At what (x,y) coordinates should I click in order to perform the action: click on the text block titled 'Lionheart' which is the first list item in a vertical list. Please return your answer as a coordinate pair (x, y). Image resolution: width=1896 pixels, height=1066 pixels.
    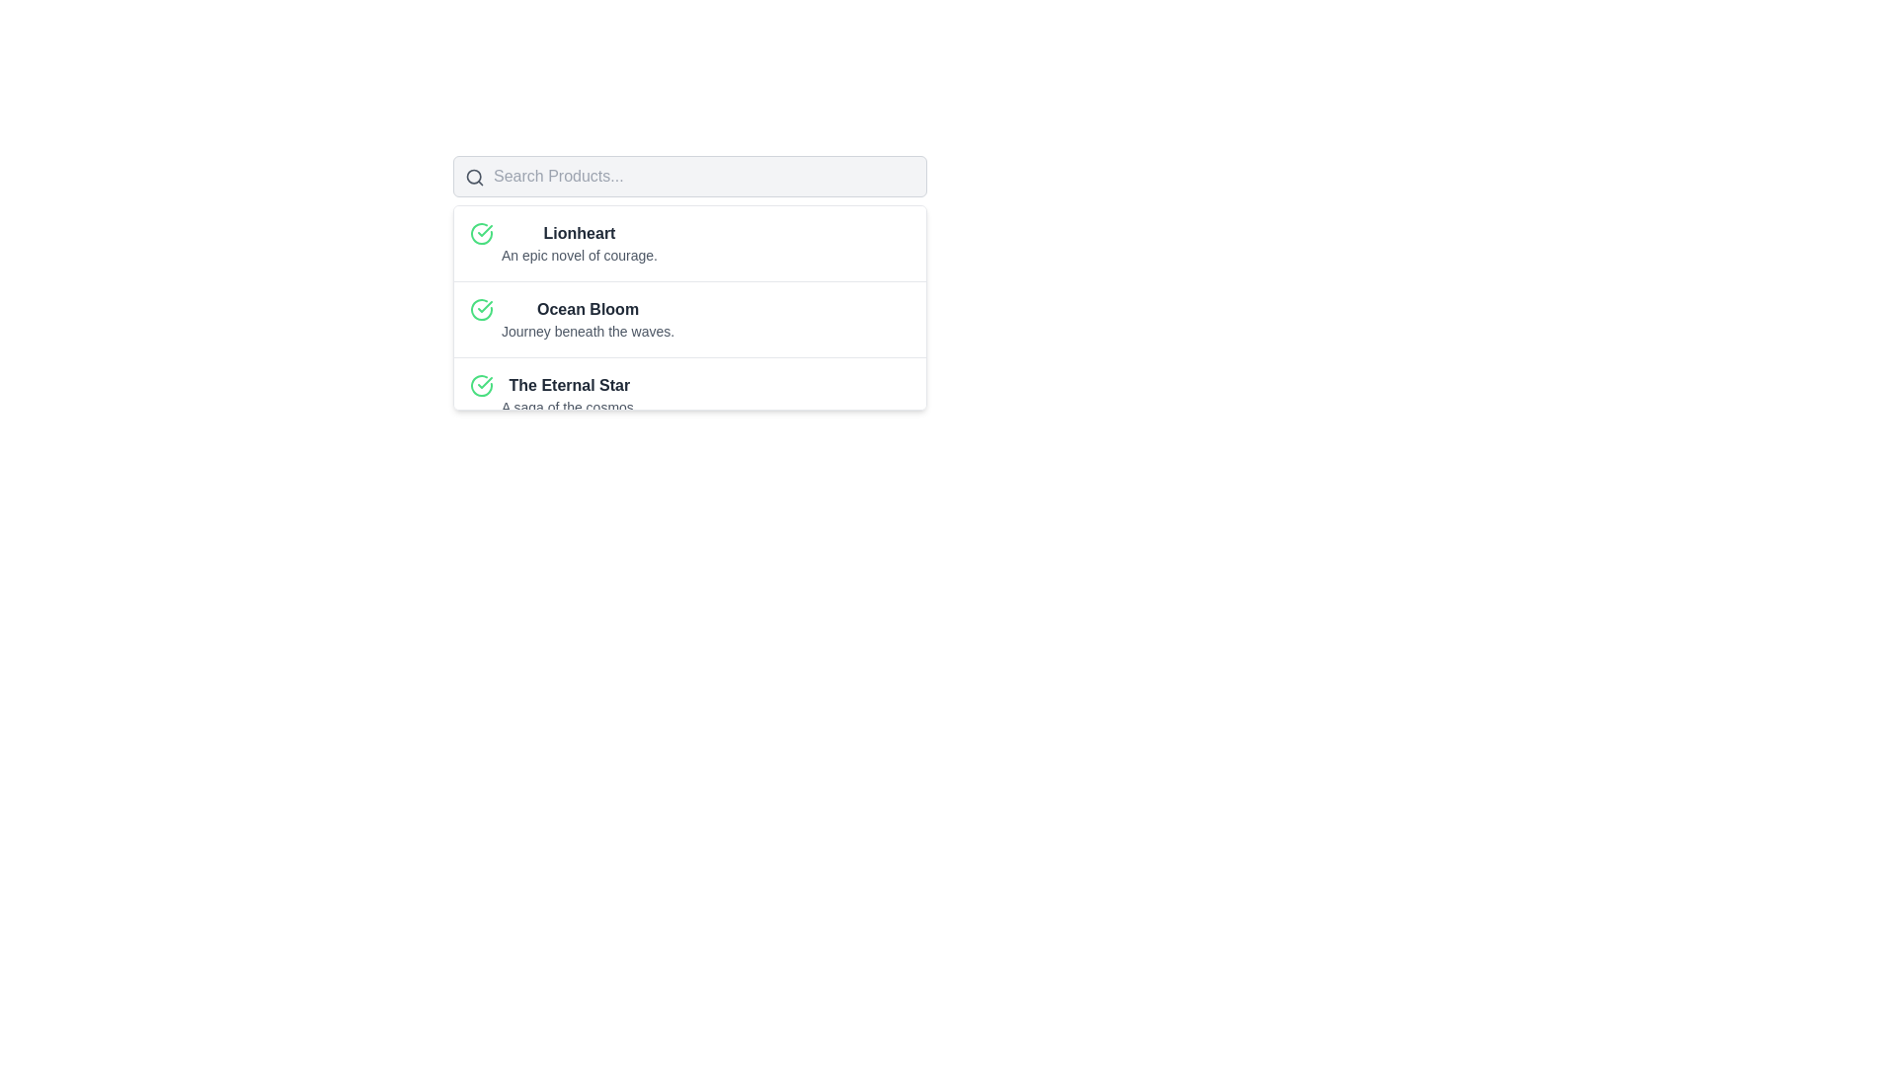
    Looking at the image, I should click on (578, 242).